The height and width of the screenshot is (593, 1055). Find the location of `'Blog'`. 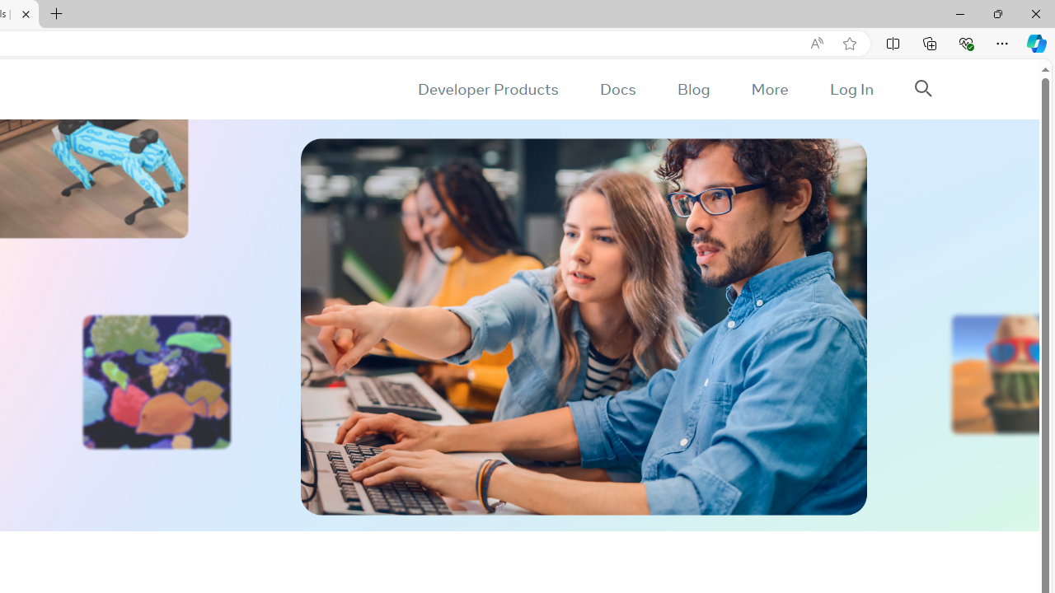

'Blog' is located at coordinates (693, 89).